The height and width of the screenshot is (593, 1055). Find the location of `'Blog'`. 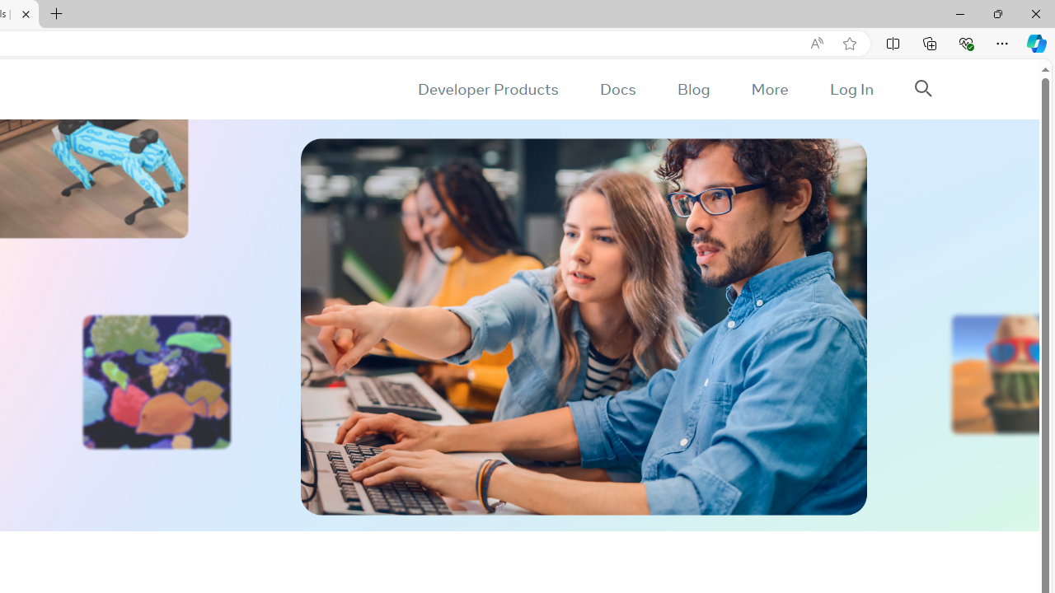

'Blog' is located at coordinates (693, 89).